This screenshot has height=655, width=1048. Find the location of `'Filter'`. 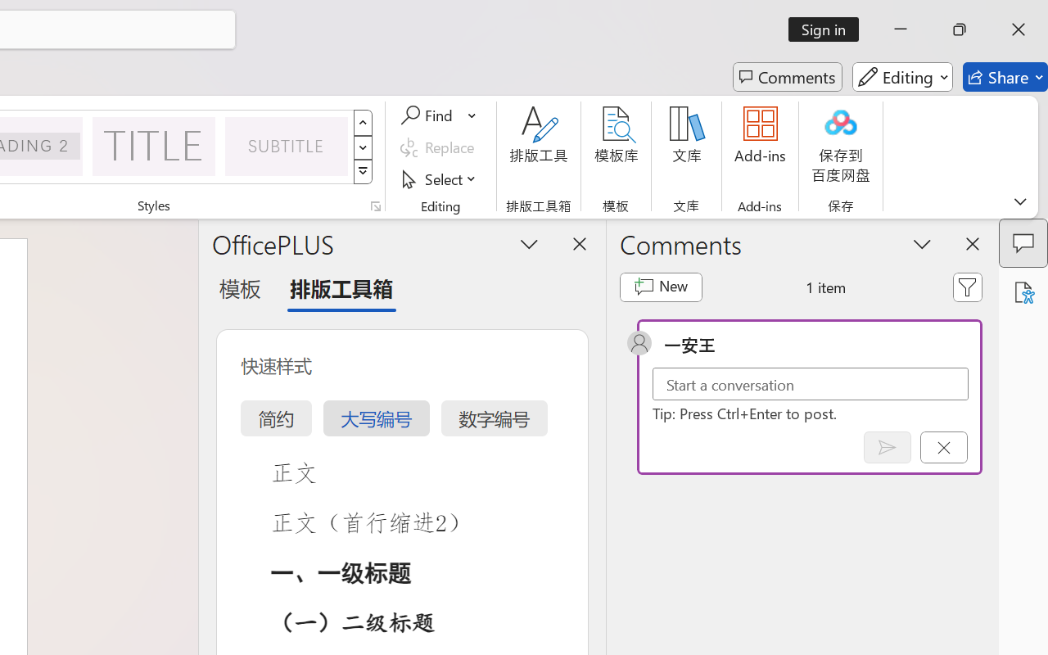

'Filter' is located at coordinates (968, 287).